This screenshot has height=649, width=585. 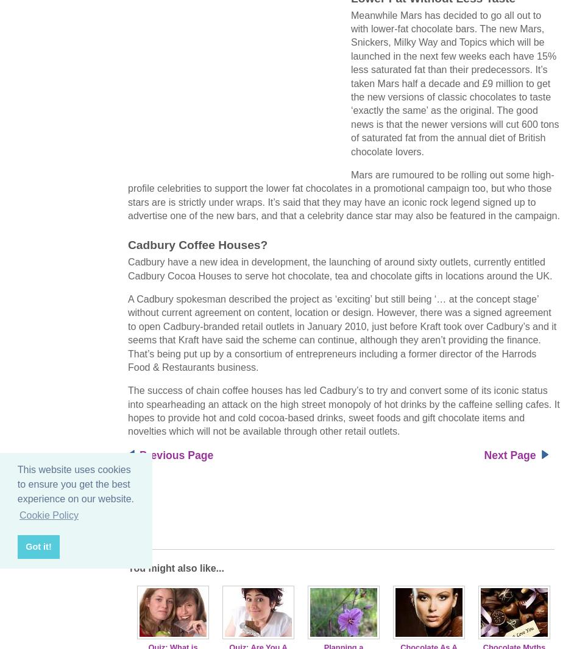 What do you see at coordinates (344, 195) in the screenshot?
I see `'Mars are rumoured to be rolling out some high-profile celebrities to support the lower fat chocolates in a promotional campaign too, but who those stars are is strictly under wraps. It’s said that they may have an iconic rock legend signed up to advertise one of the new bars, and that a celebrity dance star may also be featured in the campaign.'` at bounding box center [344, 195].